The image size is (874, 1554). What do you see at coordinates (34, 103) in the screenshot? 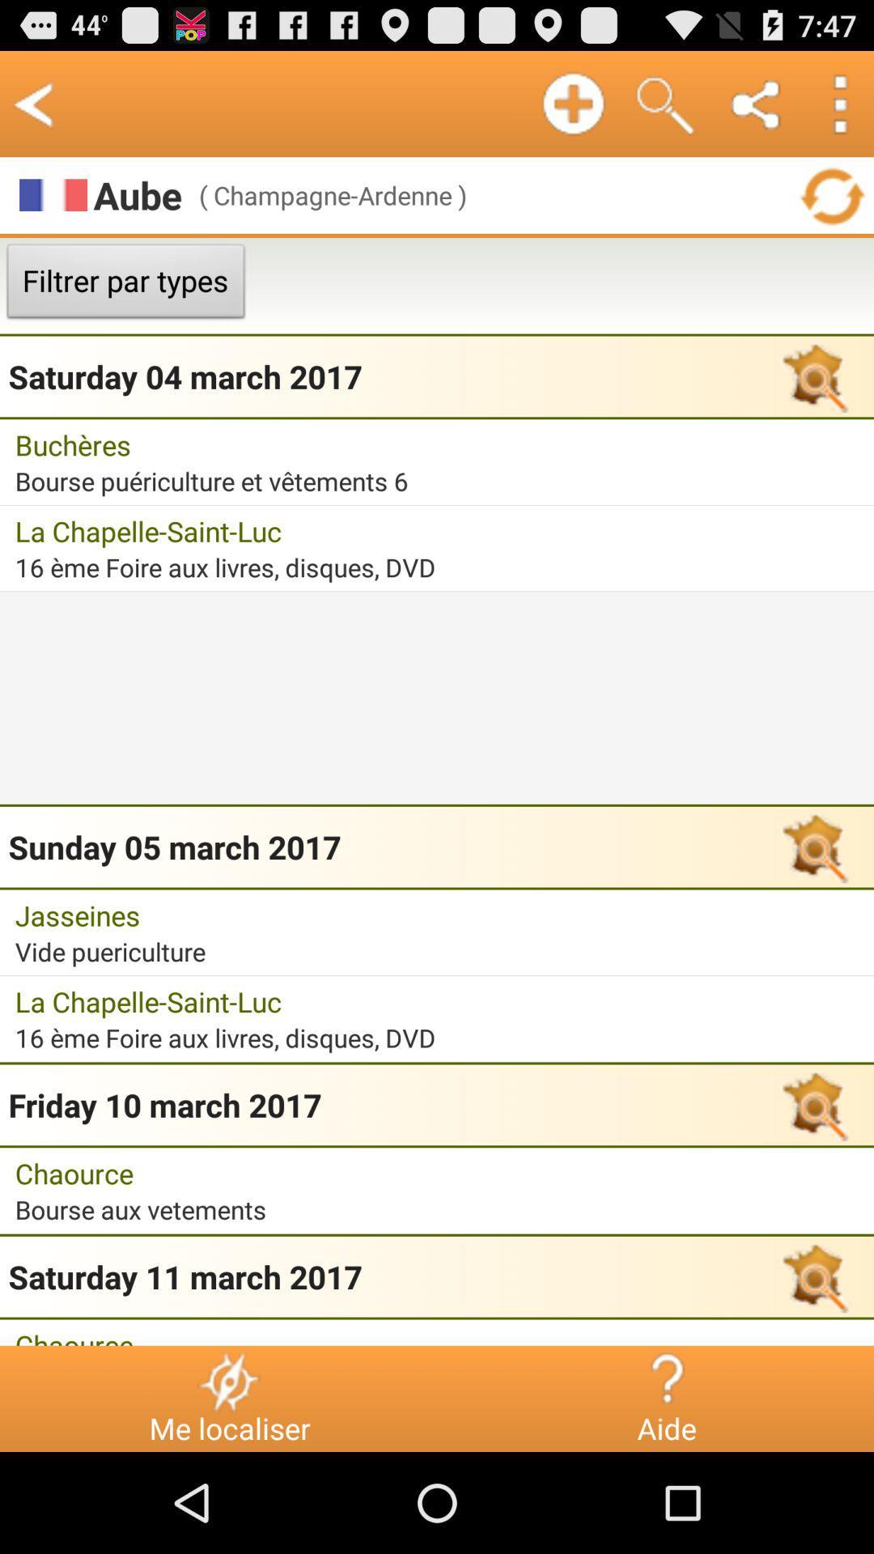
I see `the icon on the top left corner` at bounding box center [34, 103].